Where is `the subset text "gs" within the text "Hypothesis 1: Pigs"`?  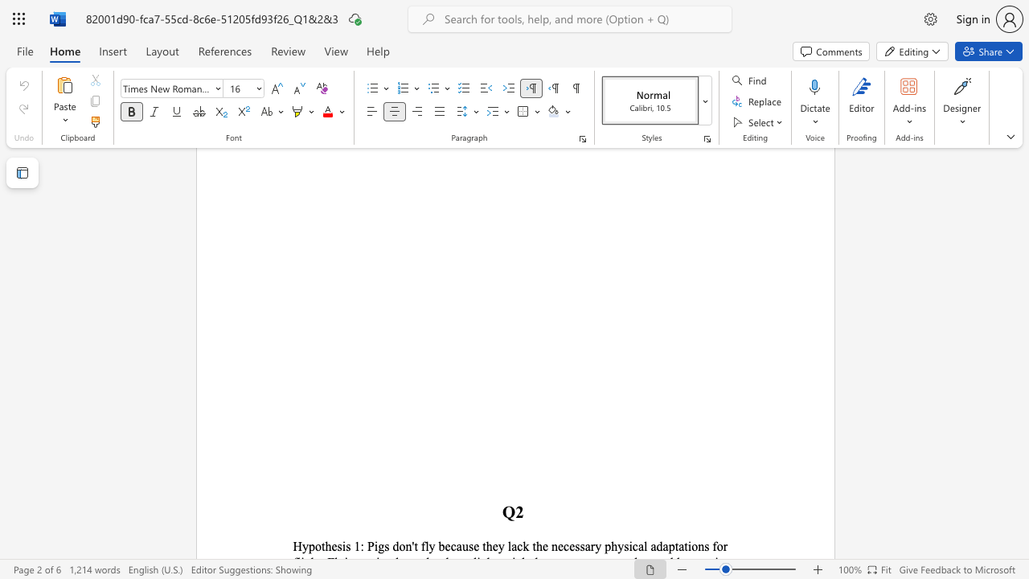 the subset text "gs" within the text "Hypothesis 1: Pigs" is located at coordinates (377, 545).